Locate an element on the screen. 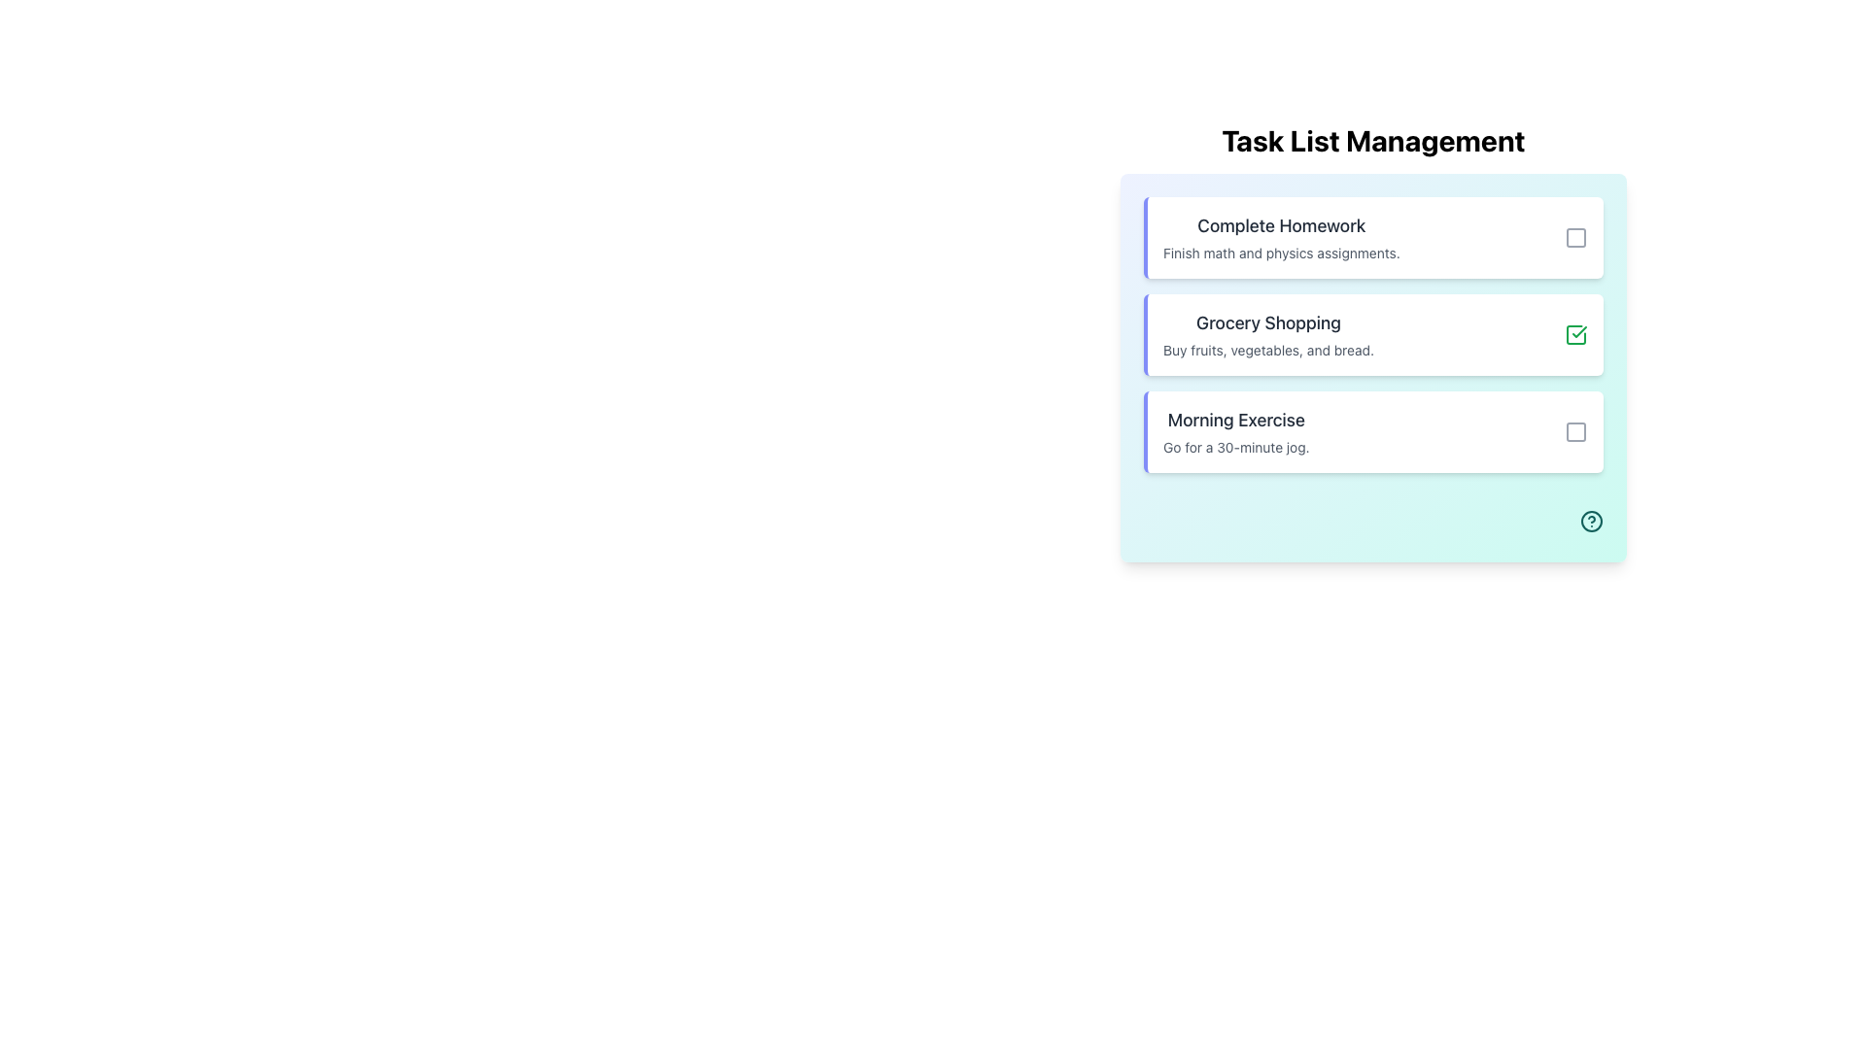 This screenshot has height=1049, width=1866. the small square button with rounded corners located in the bottom-right section of the 'Morning Exercise' task card is located at coordinates (1576, 430).